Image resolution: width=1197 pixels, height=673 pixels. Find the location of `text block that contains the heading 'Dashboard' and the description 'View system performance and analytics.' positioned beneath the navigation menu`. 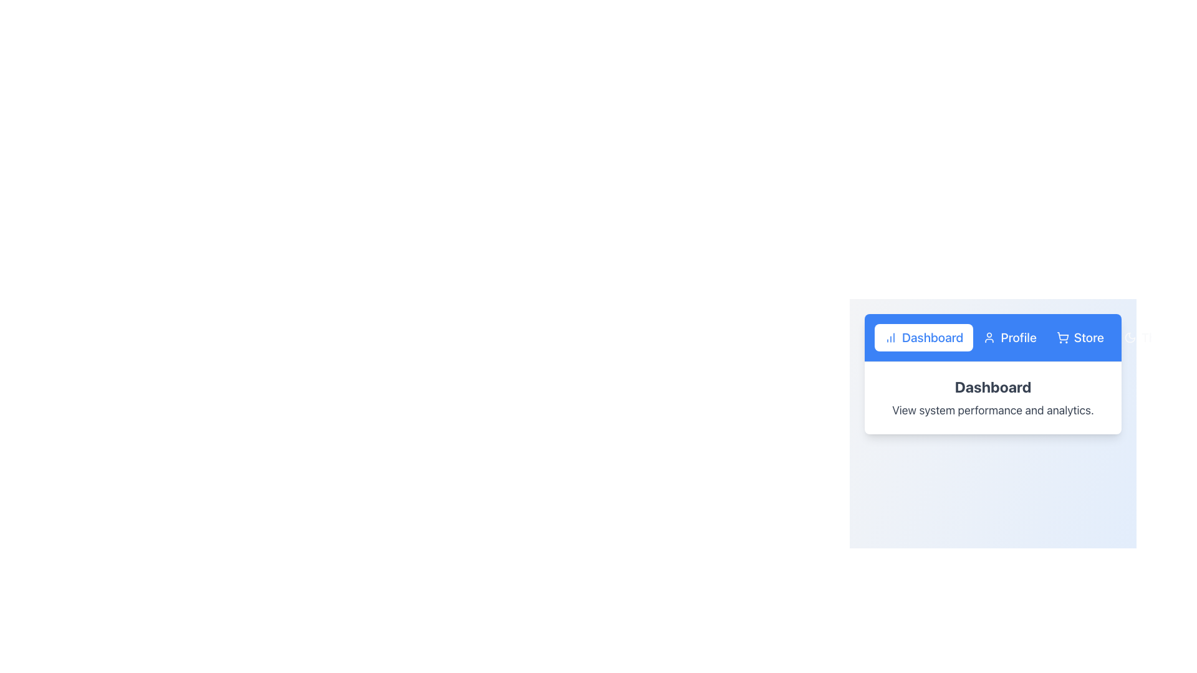

text block that contains the heading 'Dashboard' and the description 'View system performance and analytics.' positioned beneath the navigation menu is located at coordinates (993, 398).